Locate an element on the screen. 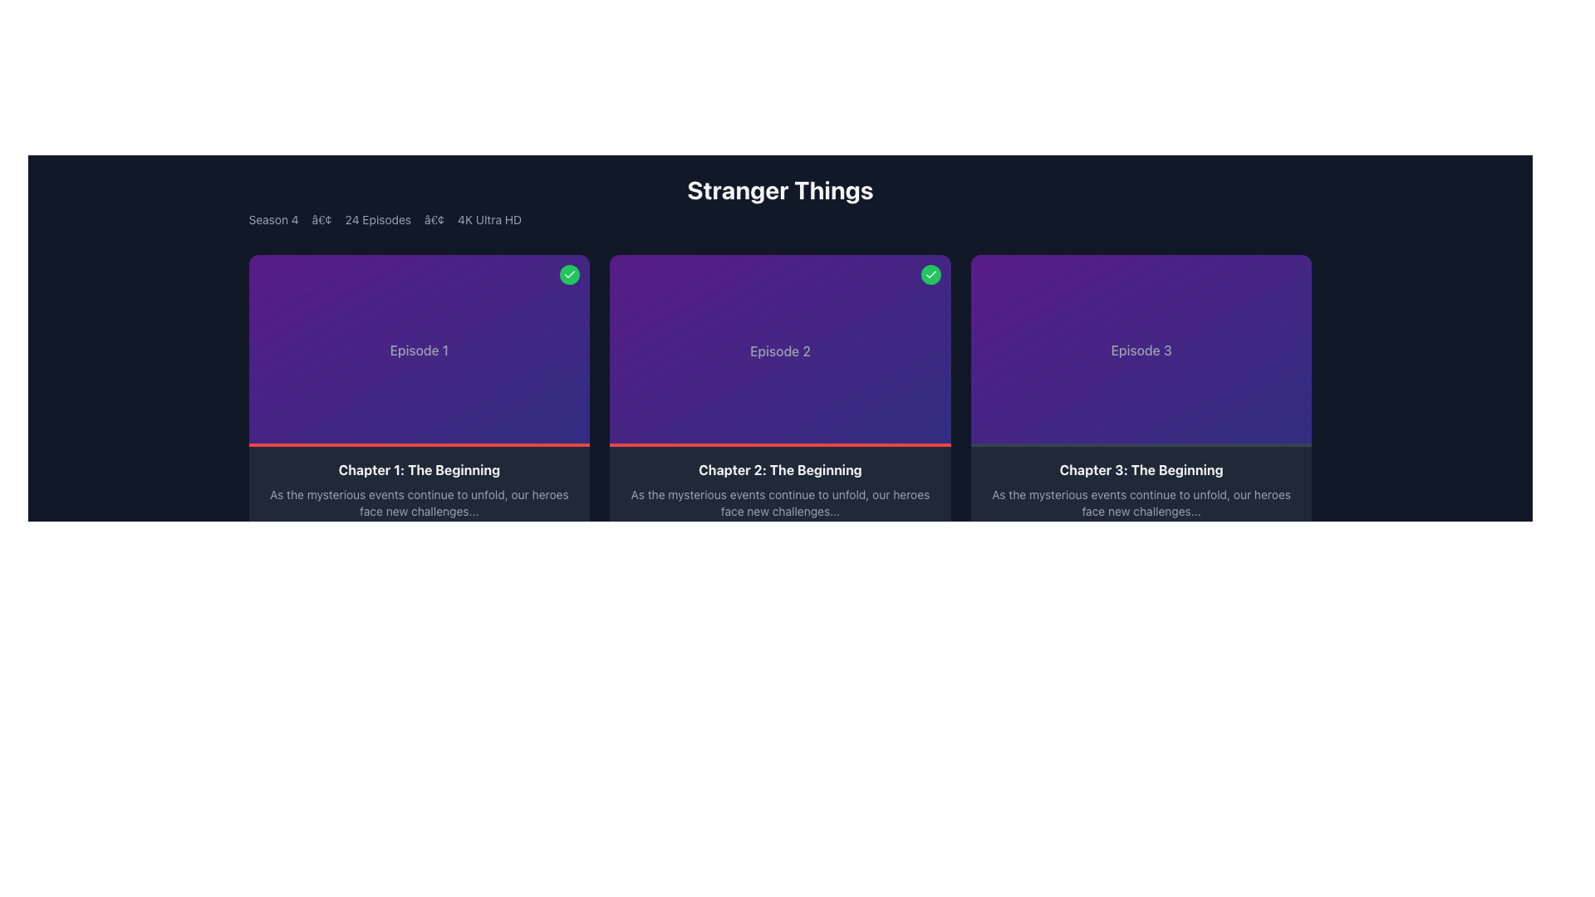  text label identifying the first episode in the series, located in the middle of the first card in a row of three identical layout cards is located at coordinates (419, 350).